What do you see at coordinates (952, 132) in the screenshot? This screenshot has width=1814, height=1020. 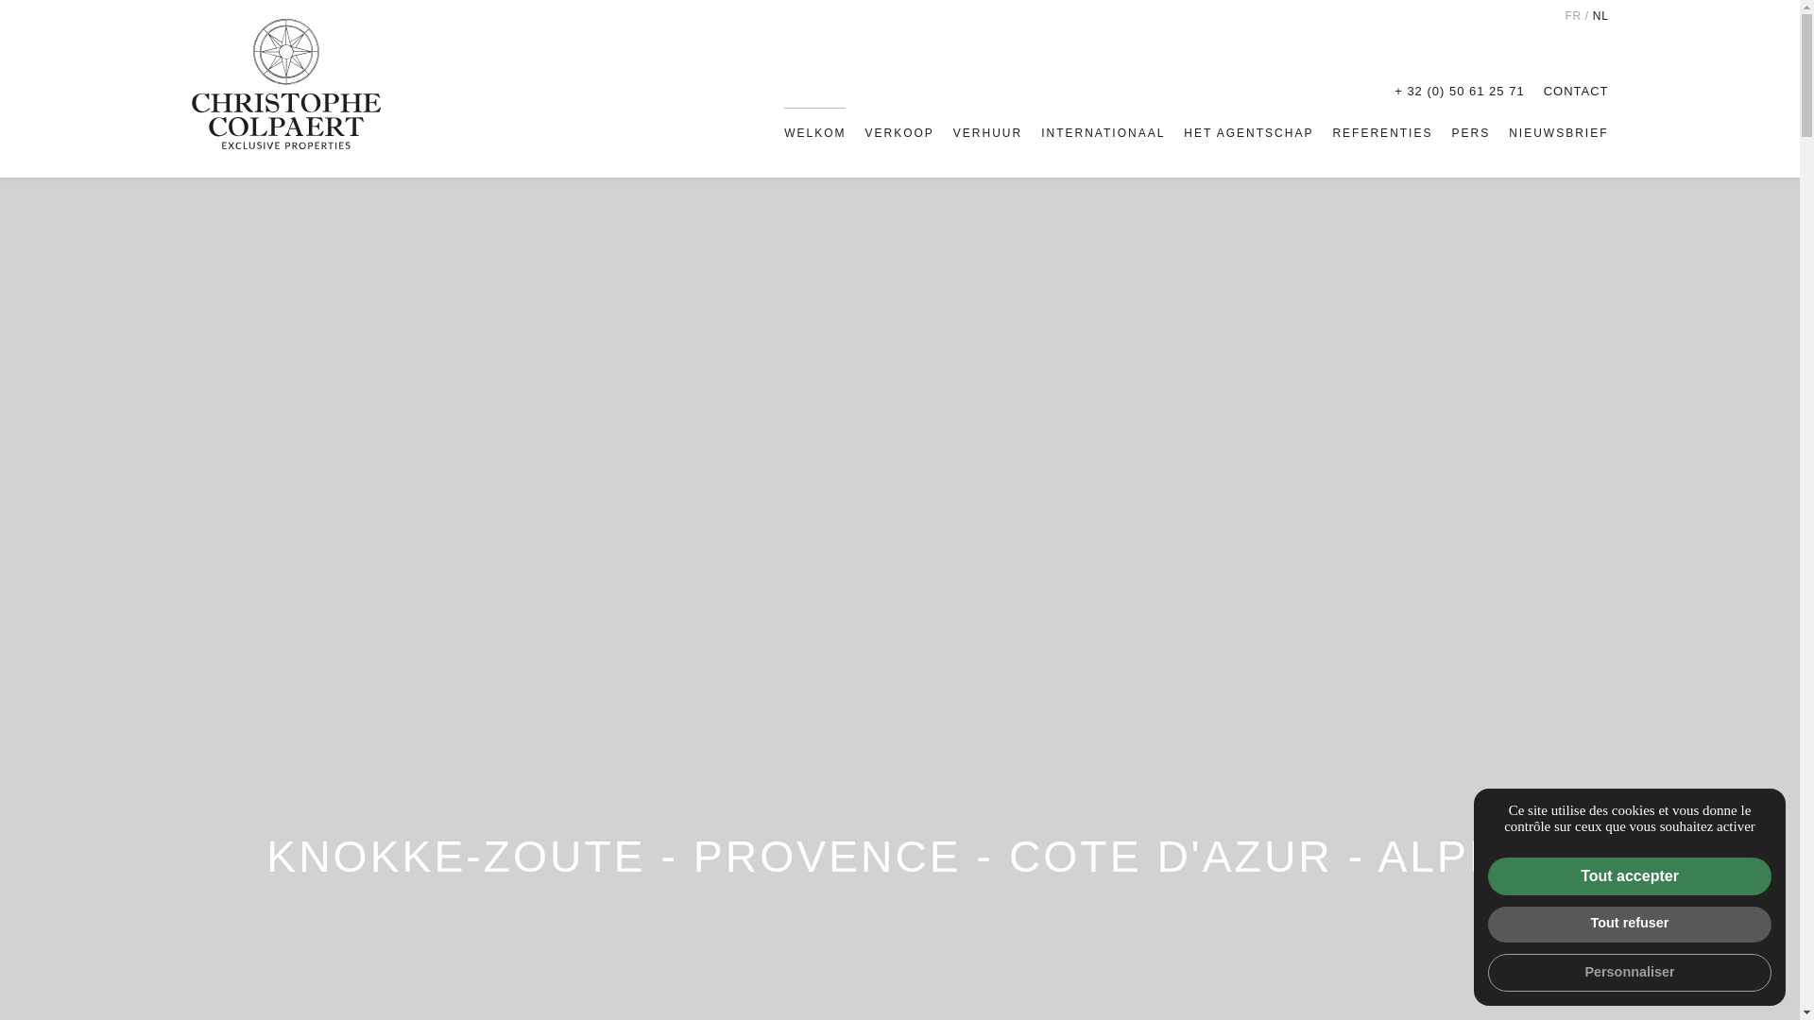 I see `'VERHUUR'` at bounding box center [952, 132].